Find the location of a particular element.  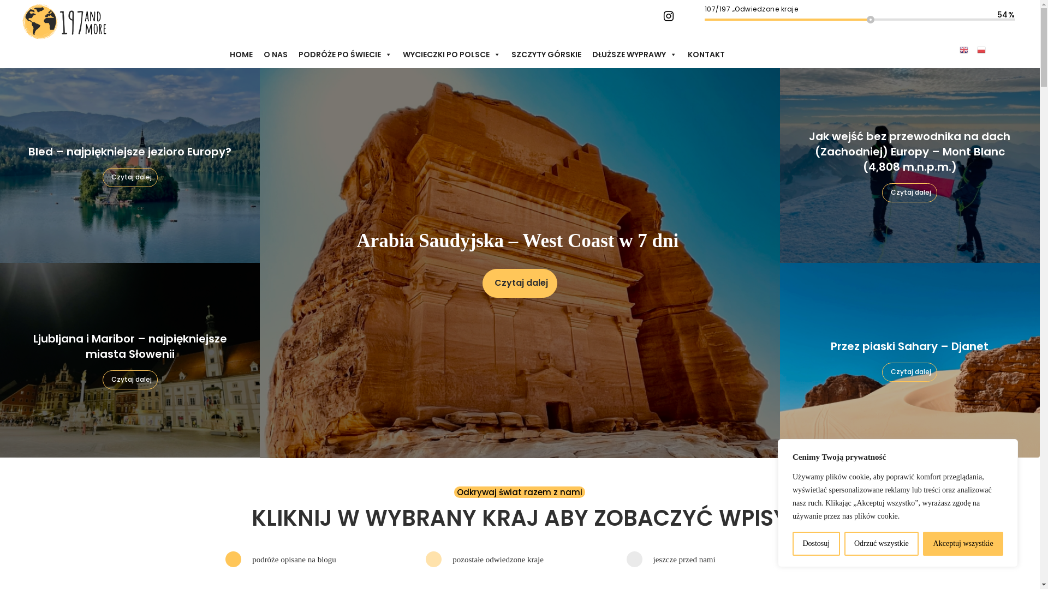

'HOME' is located at coordinates (224, 55).